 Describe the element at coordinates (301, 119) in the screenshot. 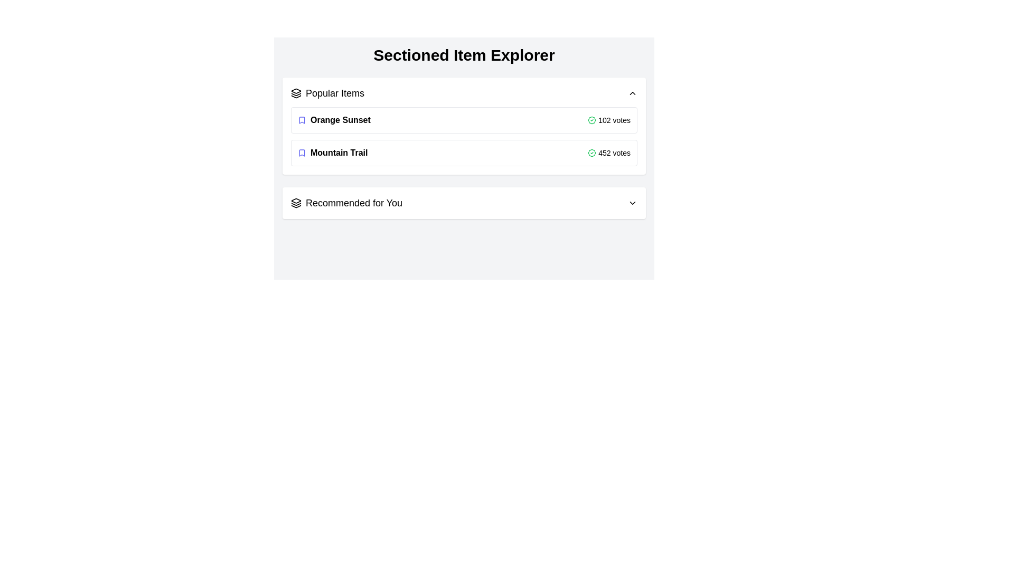

I see `the decorative bookmark icon located to the left of the bold text 'Orange Sunset' within the 'Popular Items' section` at that location.